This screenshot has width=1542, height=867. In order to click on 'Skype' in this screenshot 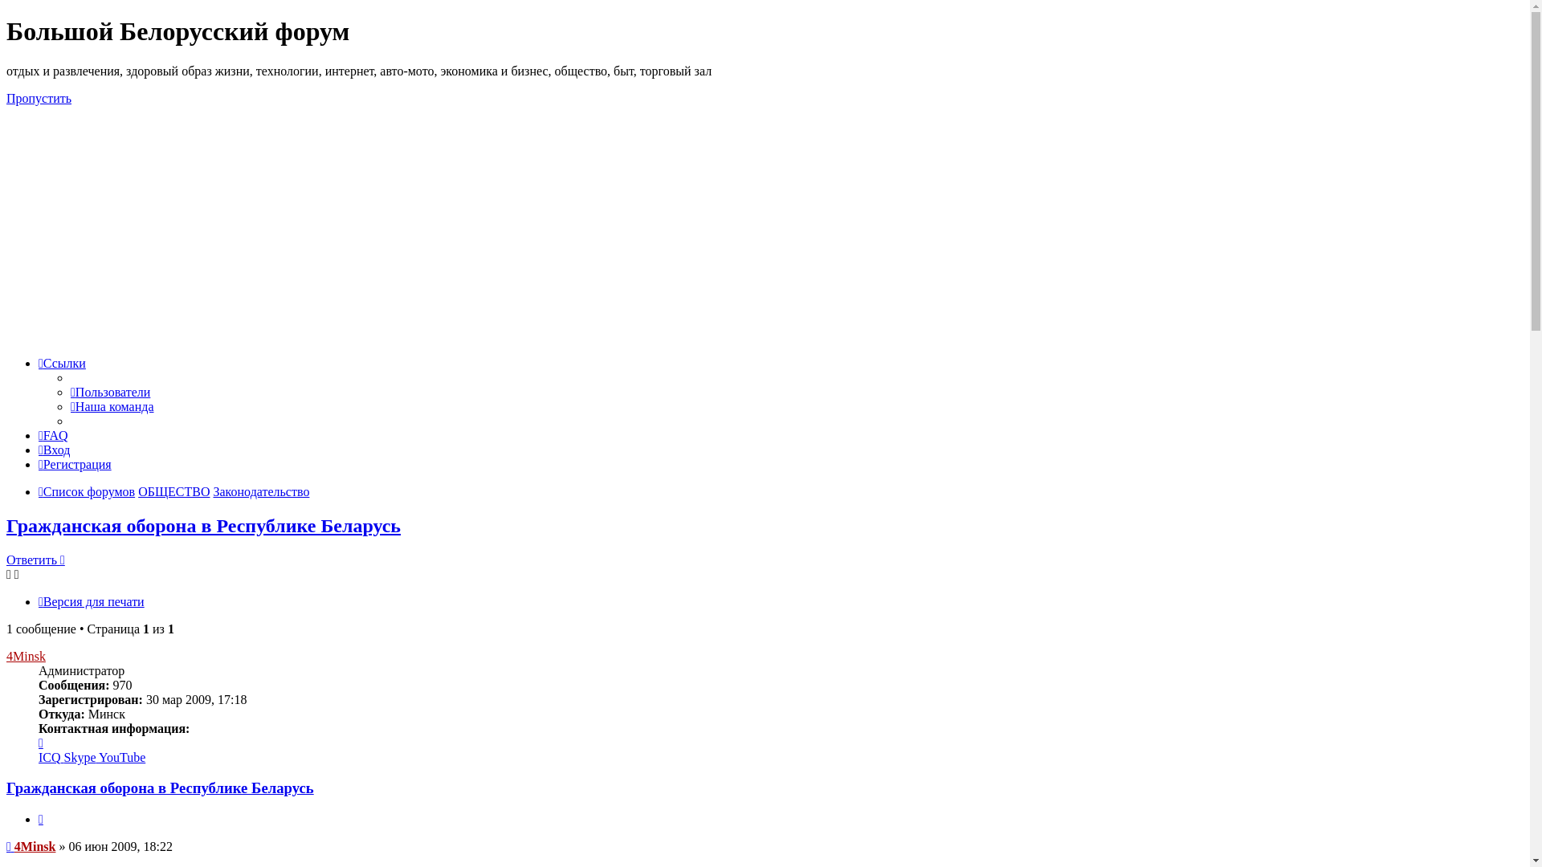, I will do `click(80, 757)`.